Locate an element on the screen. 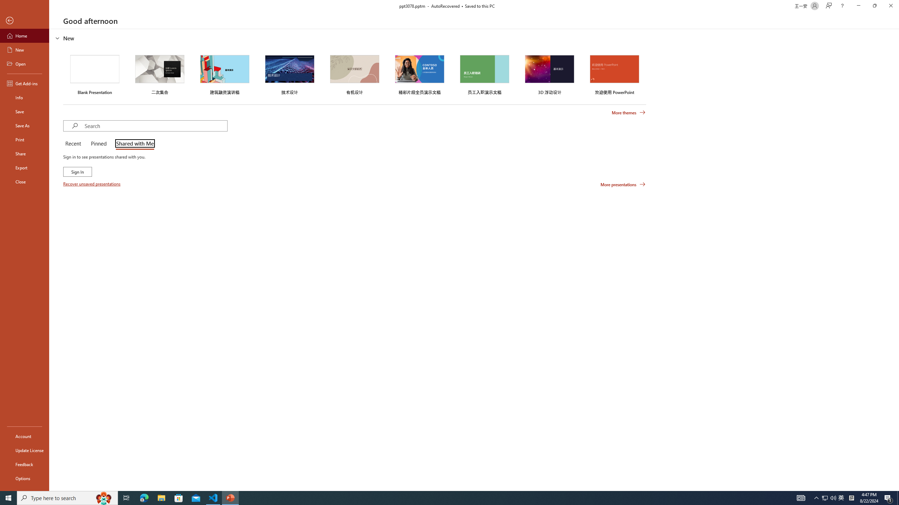 This screenshot has height=505, width=899. 'Save As' is located at coordinates (24, 125).